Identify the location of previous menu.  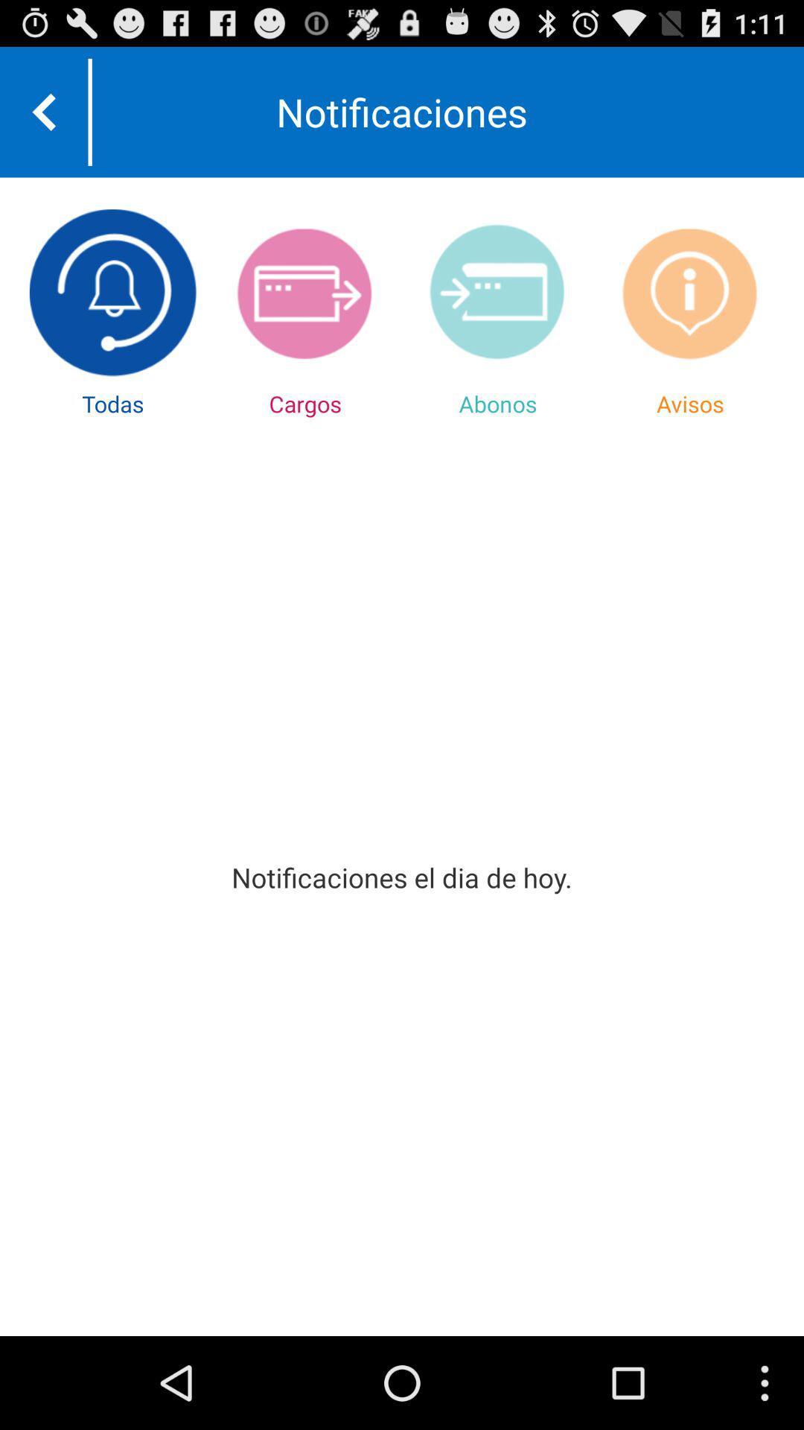
(43, 111).